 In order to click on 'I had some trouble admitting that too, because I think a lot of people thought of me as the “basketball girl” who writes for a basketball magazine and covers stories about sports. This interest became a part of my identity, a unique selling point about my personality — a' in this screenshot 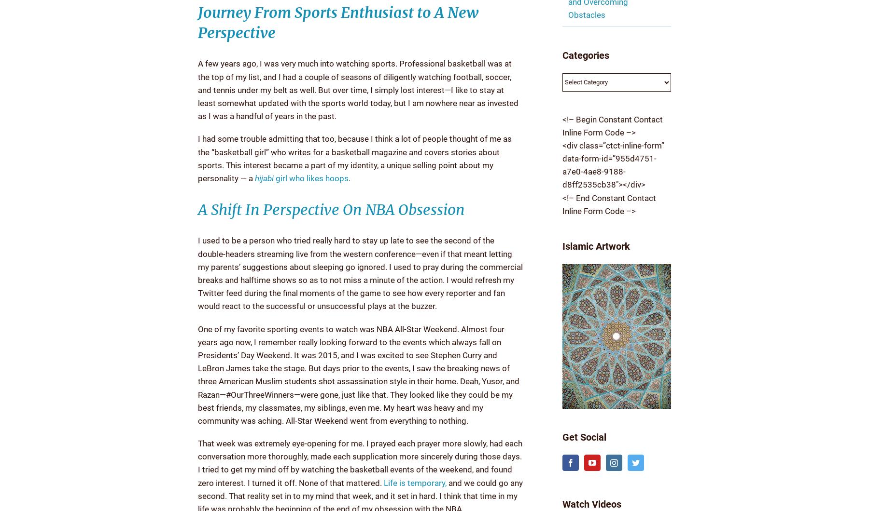, I will do `click(354, 158)`.